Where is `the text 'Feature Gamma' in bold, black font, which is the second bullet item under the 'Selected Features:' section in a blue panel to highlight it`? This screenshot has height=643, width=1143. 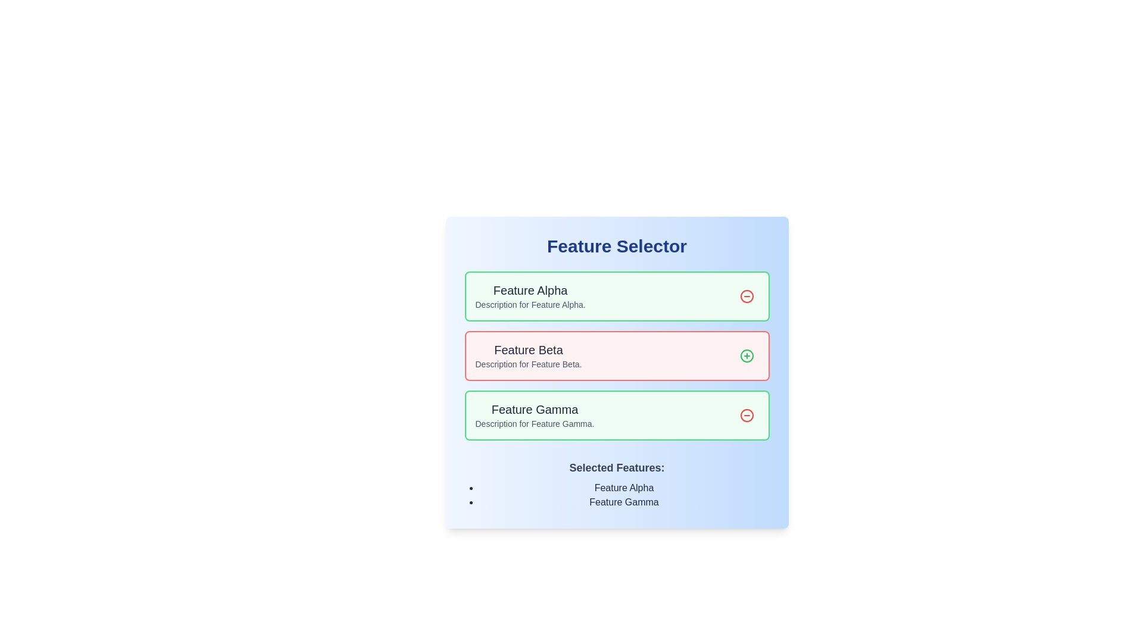 the text 'Feature Gamma' in bold, black font, which is the second bullet item under the 'Selected Features:' section in a blue panel to highlight it is located at coordinates (623, 502).